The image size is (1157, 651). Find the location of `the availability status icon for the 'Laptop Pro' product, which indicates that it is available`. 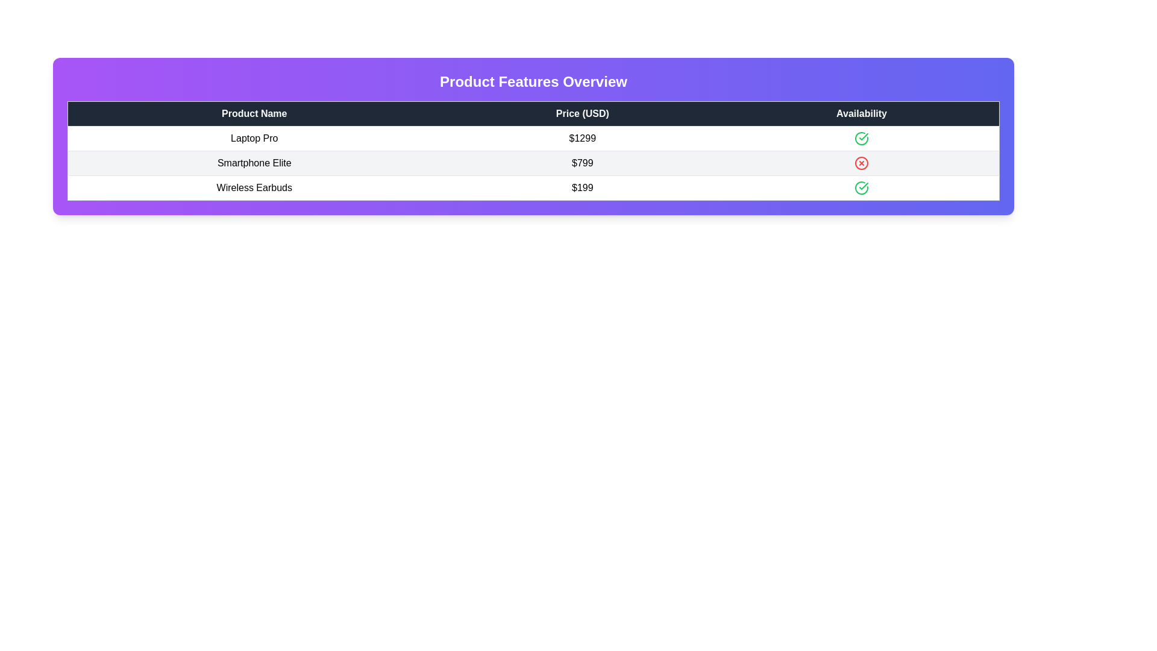

the availability status icon for the 'Laptop Pro' product, which indicates that it is available is located at coordinates (863, 186).